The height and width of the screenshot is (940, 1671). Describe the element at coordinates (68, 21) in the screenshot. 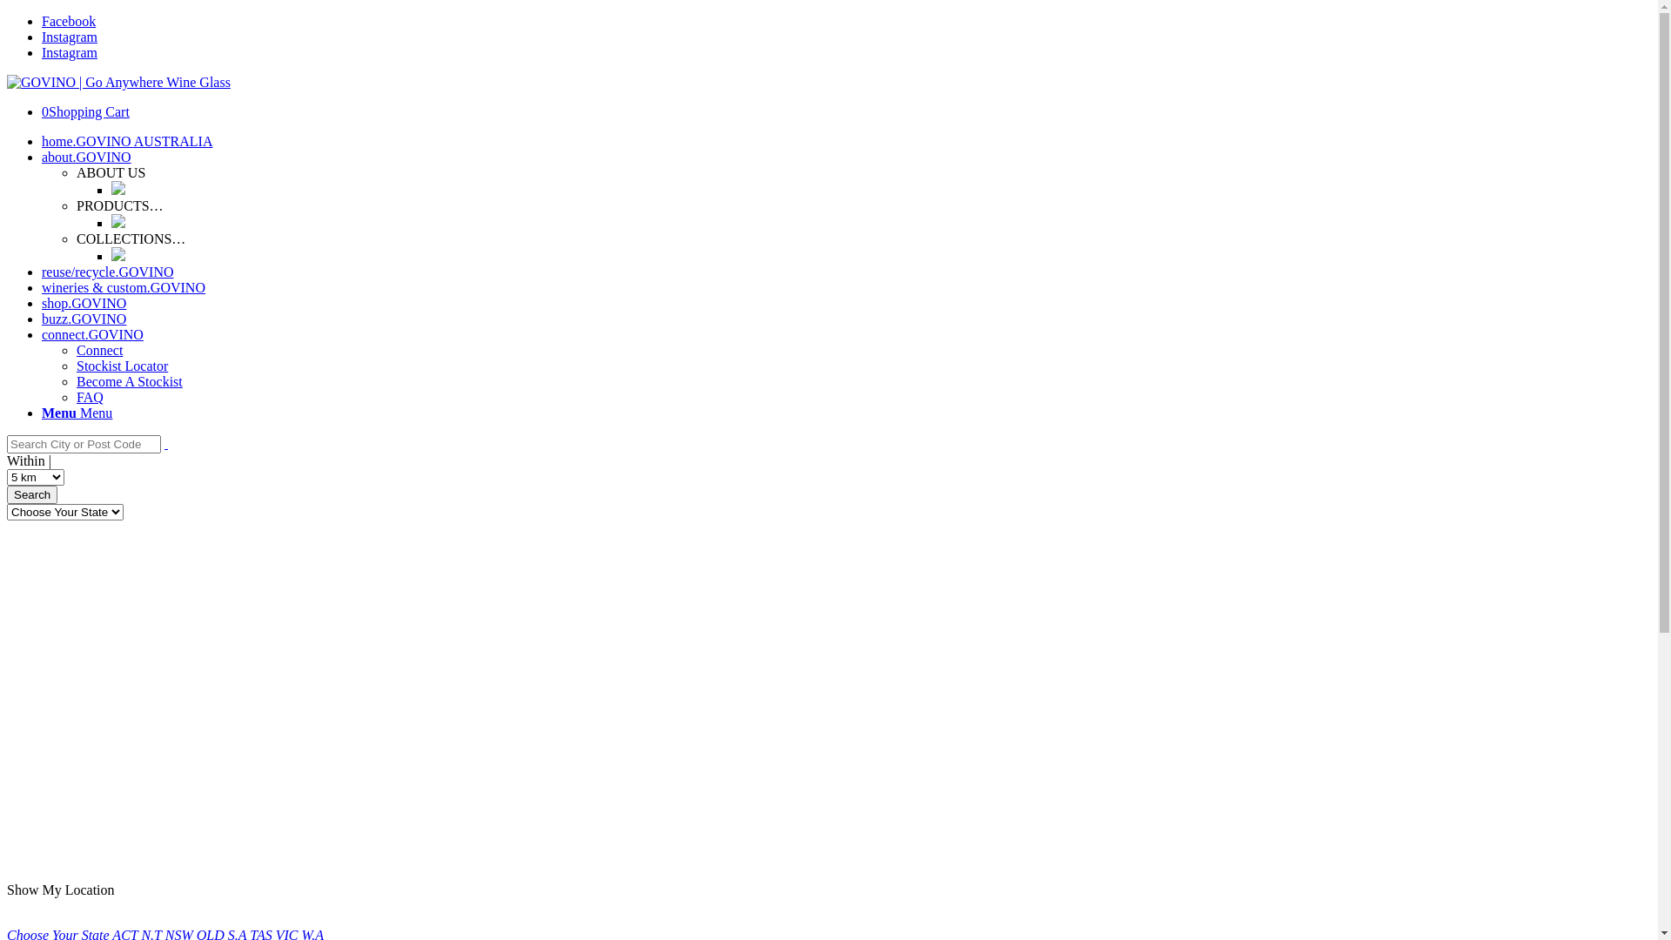

I see `'Facebook'` at that location.